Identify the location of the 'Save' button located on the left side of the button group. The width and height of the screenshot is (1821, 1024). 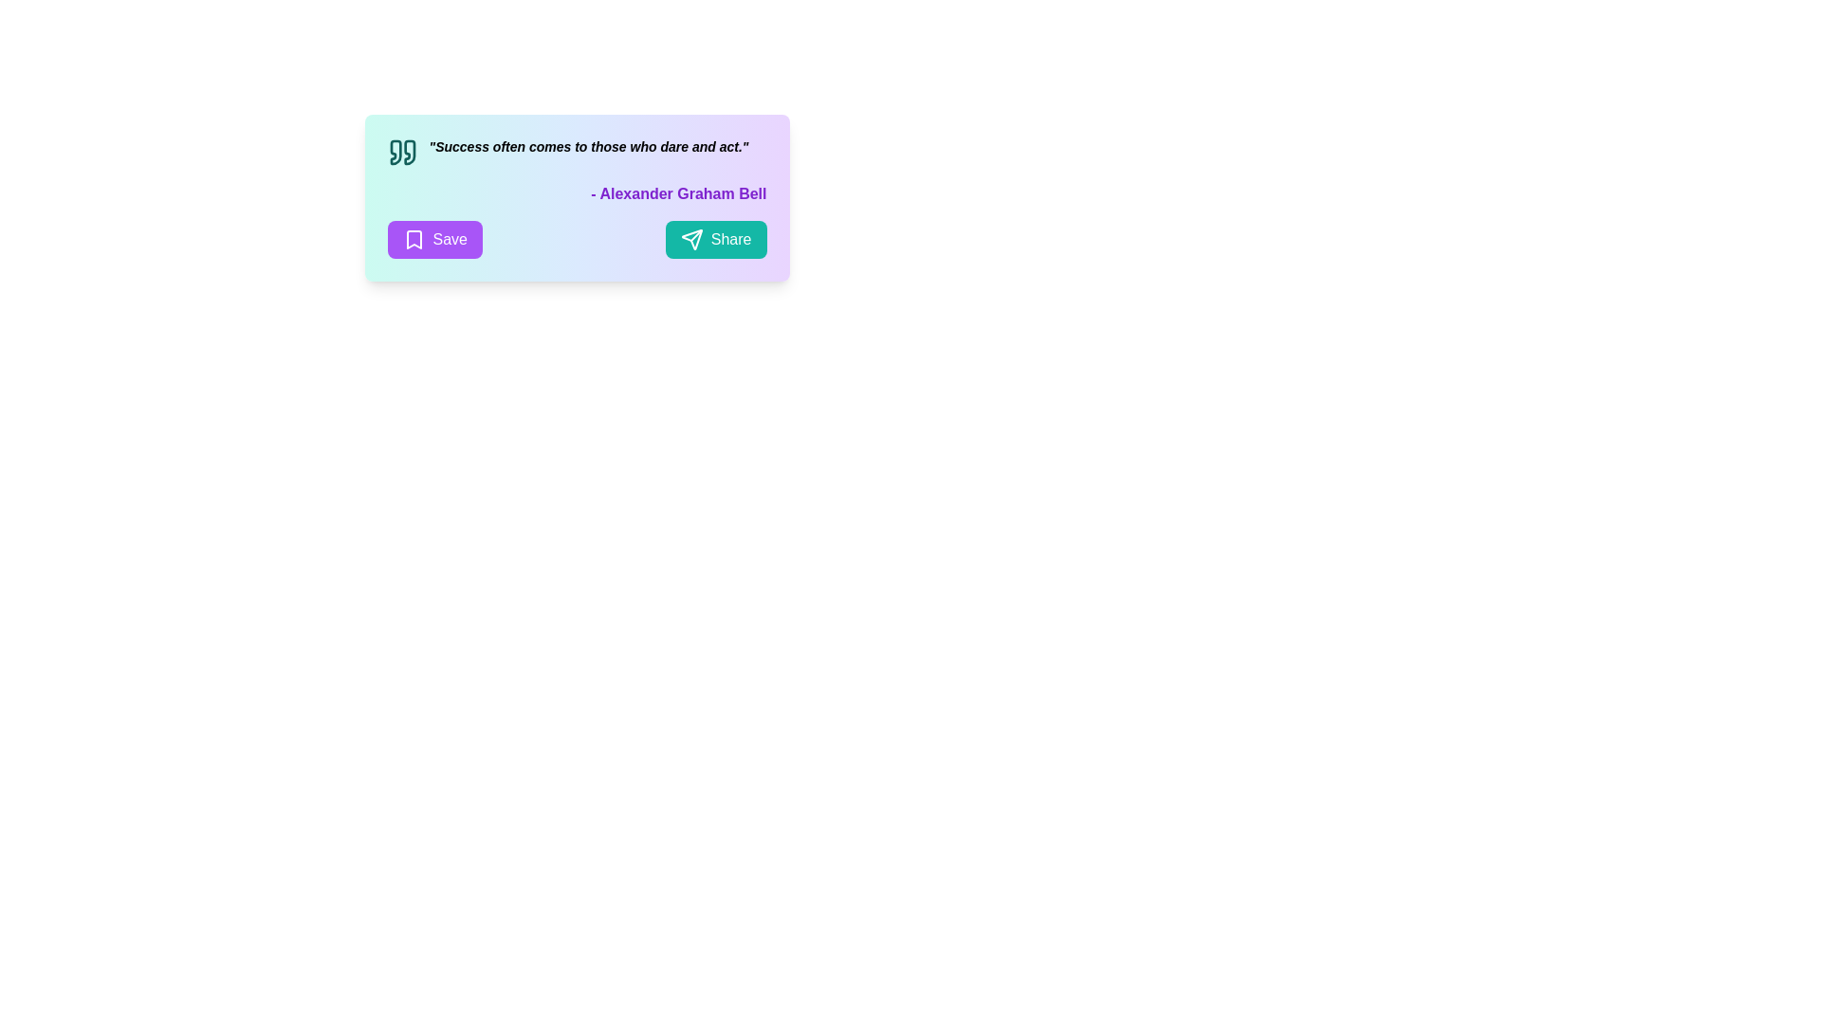
(433, 239).